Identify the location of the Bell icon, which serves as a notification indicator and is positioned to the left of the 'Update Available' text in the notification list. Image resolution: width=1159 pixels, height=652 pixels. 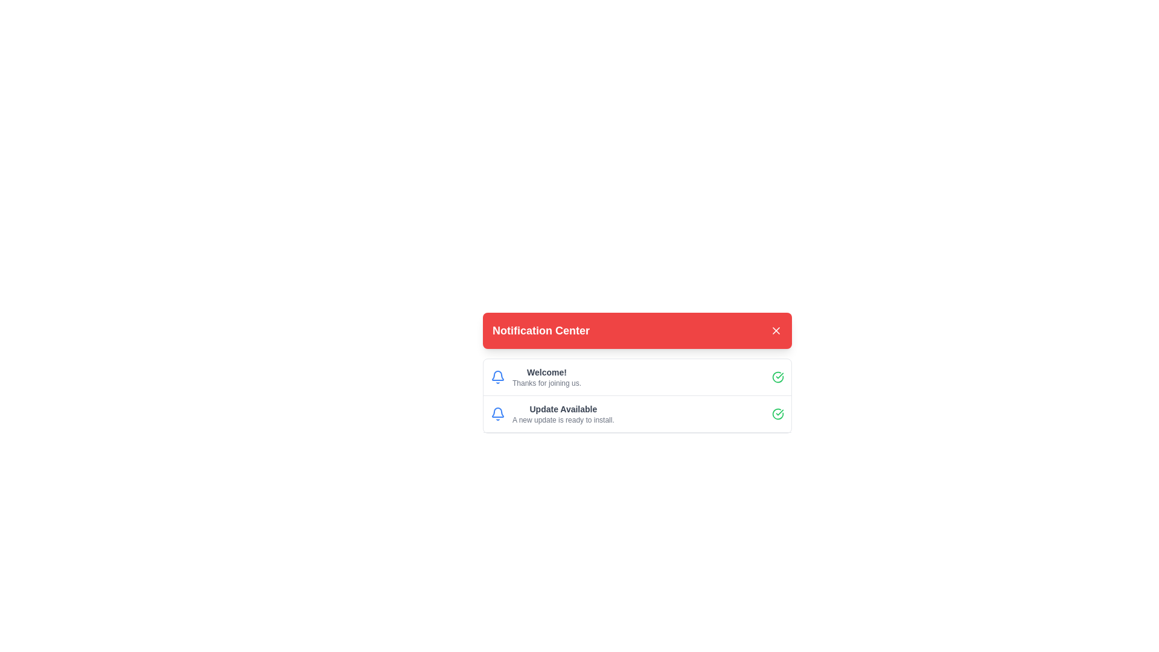
(498, 375).